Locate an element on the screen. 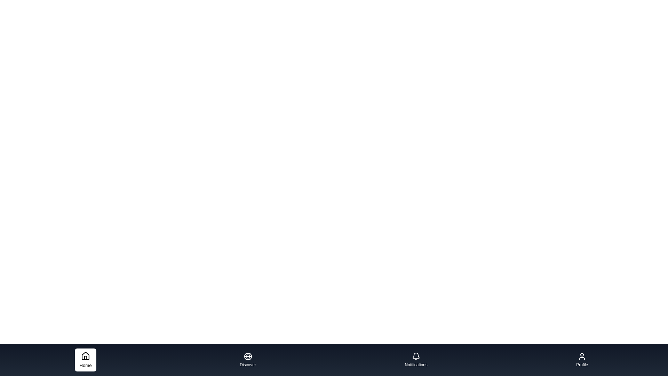  the tab background of Notifications is located at coordinates (416, 360).